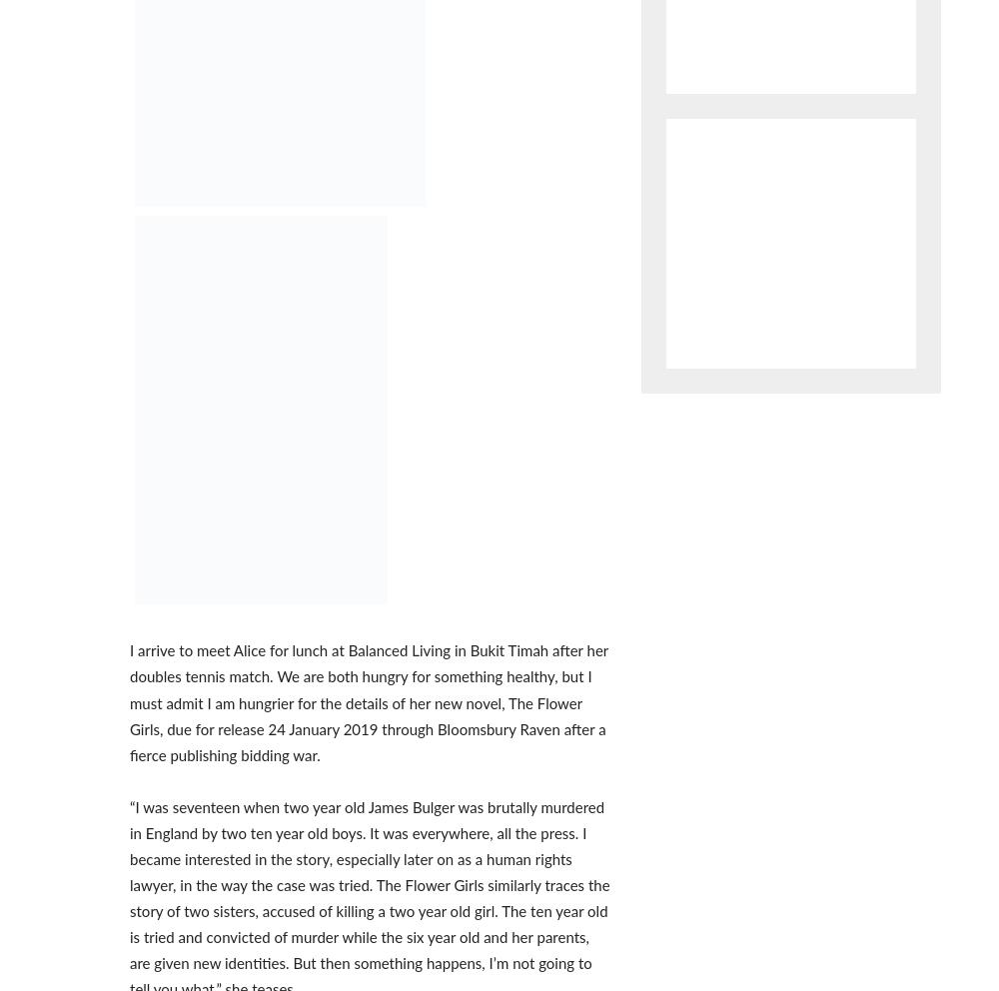  What do you see at coordinates (130, 476) in the screenshot?
I see `'Australian High Commission: A fond farewell'` at bounding box center [130, 476].